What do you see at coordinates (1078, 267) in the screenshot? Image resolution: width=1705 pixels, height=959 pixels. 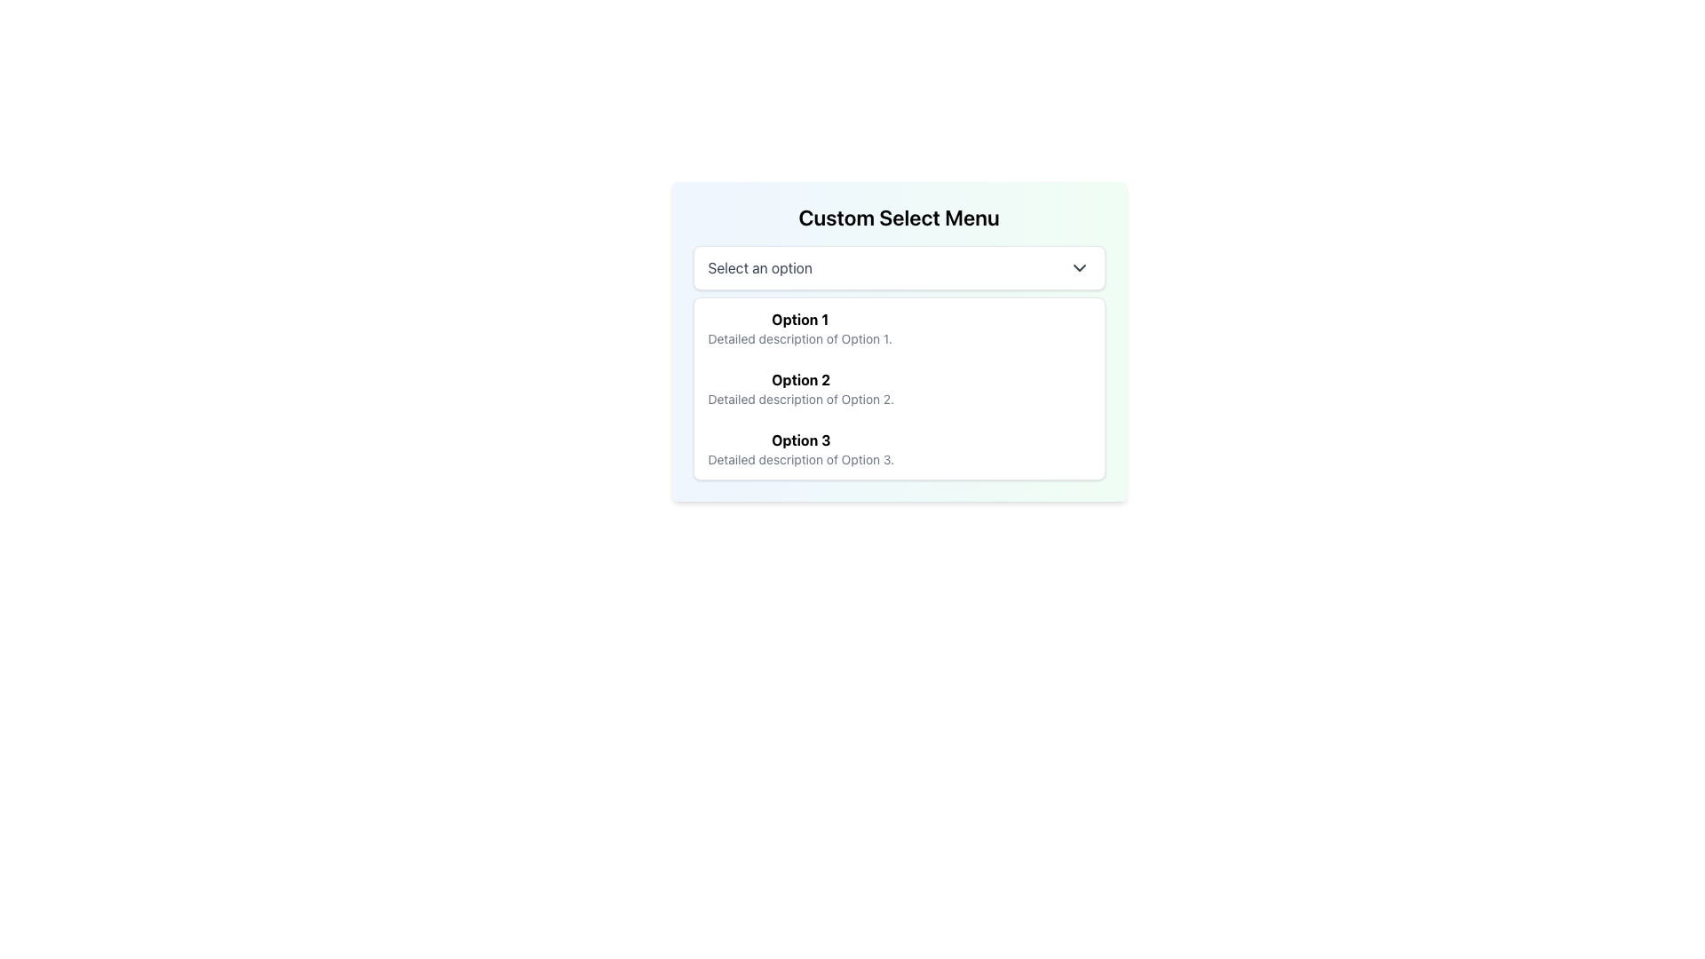 I see `the Dropdown indicator icon, which is an arrow icon pointing downward located to the far-right of the 'Select an option' dropdown field` at bounding box center [1078, 267].